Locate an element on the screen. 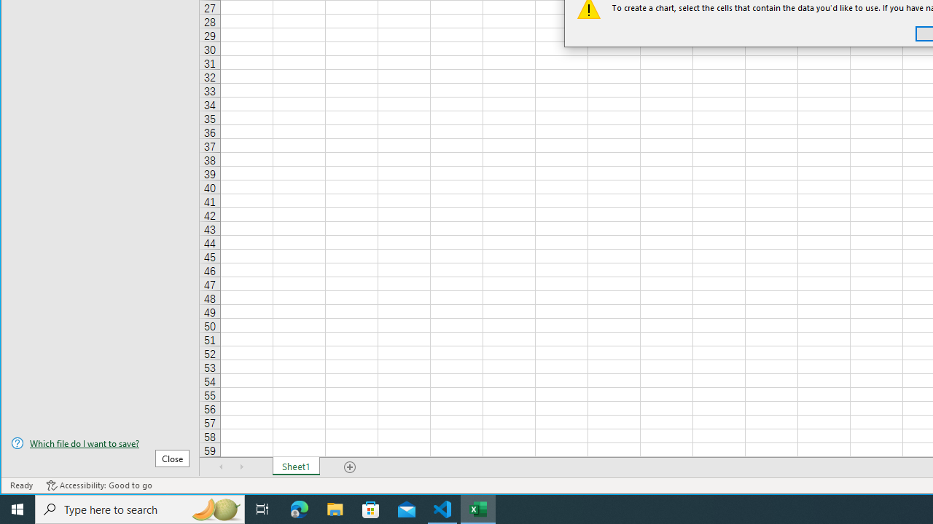 This screenshot has width=933, height=524. 'Microsoft Edge' is located at coordinates (299, 508).